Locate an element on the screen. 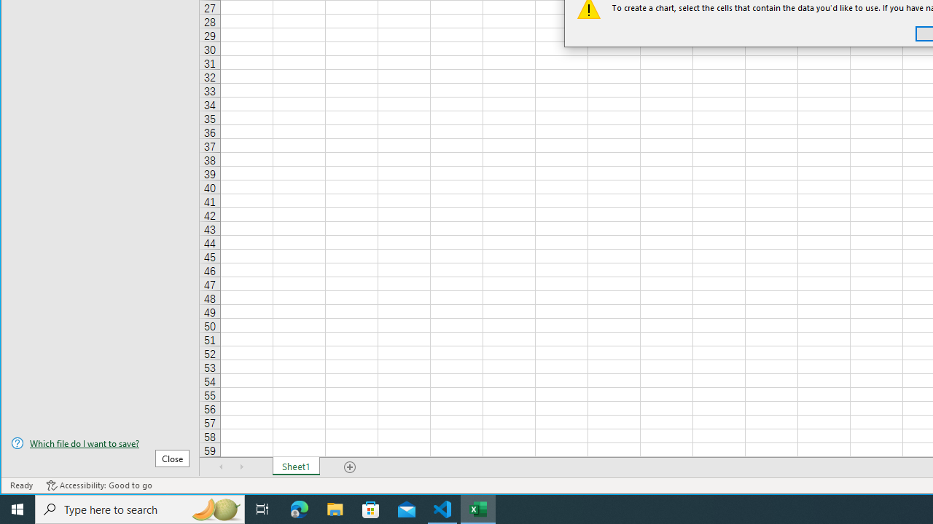 This screenshot has width=933, height=524. 'Microsoft Edge' is located at coordinates (299, 508).